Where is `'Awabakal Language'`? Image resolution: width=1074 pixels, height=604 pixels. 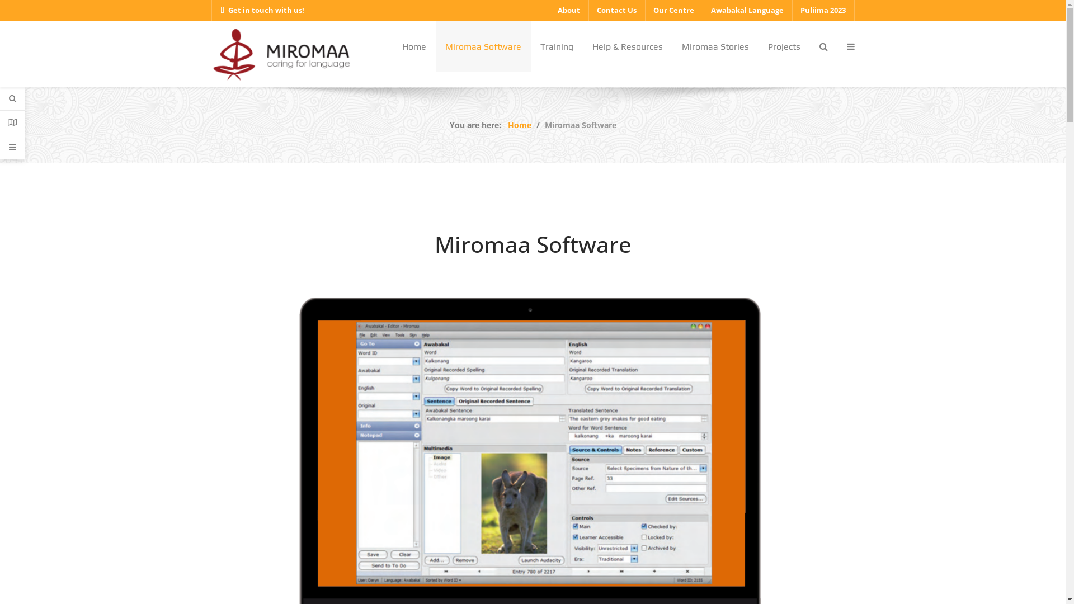
'Awabakal Language' is located at coordinates (747, 11).